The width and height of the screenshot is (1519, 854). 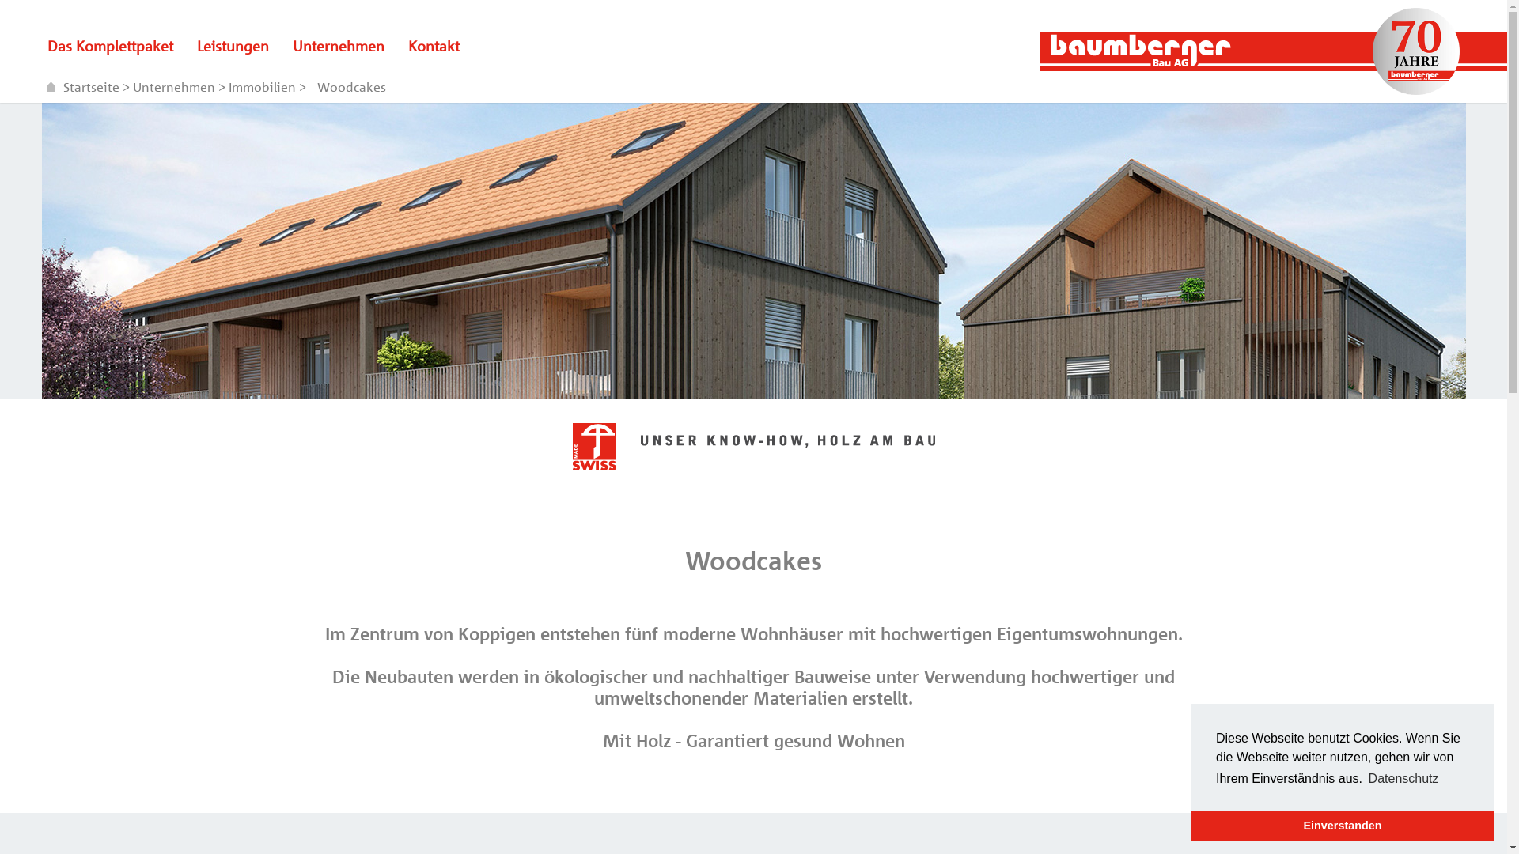 I want to click on 'Datenschutz', so click(x=1403, y=777).